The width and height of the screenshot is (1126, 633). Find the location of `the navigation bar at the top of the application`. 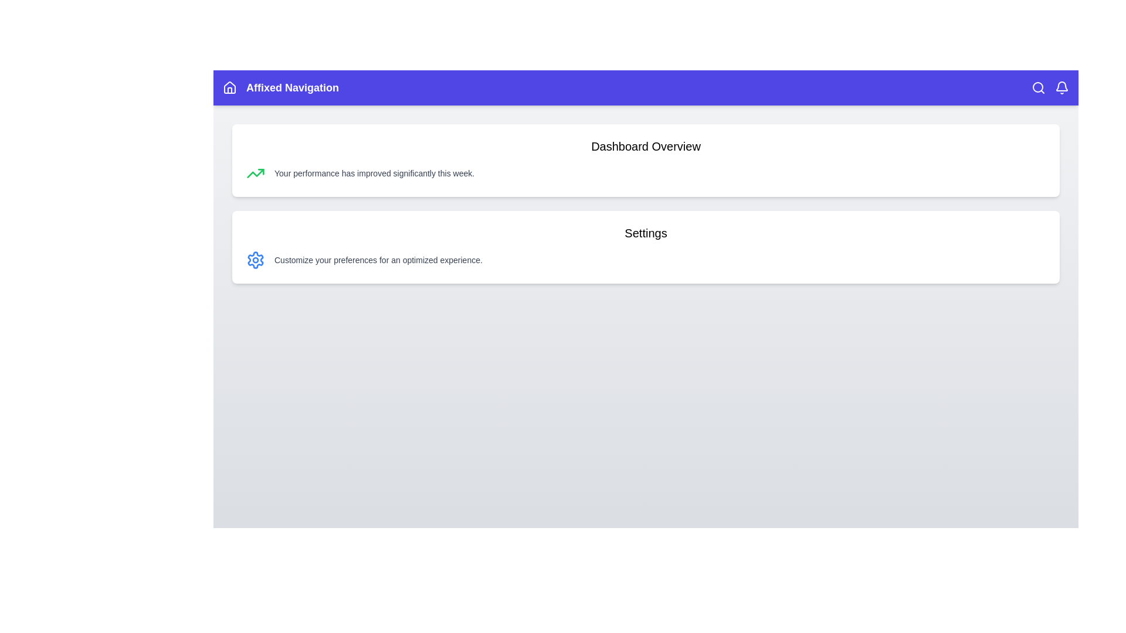

the navigation bar at the top of the application is located at coordinates (645, 87).